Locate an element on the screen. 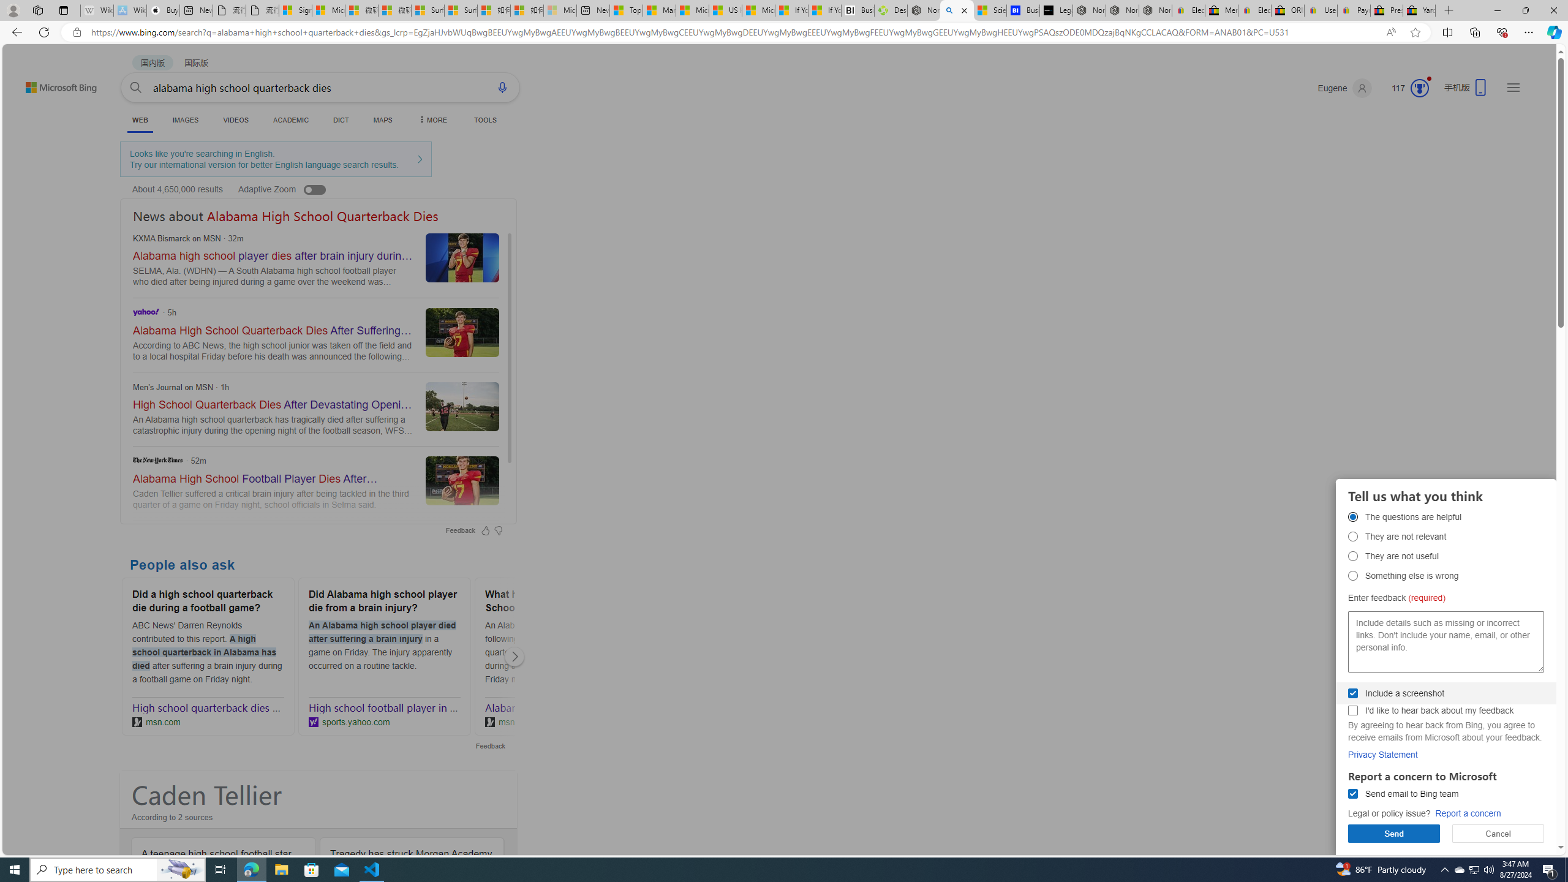  'Something else is wrong Something else is wrong' is located at coordinates (1353, 575).